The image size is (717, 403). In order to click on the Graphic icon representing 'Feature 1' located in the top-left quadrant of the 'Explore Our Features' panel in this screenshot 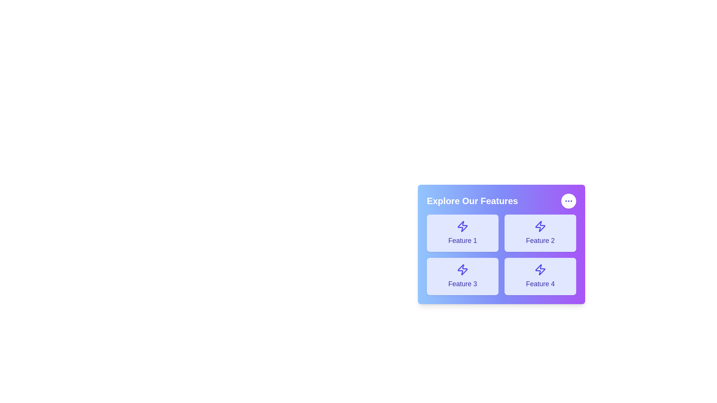, I will do `click(462, 226)`.